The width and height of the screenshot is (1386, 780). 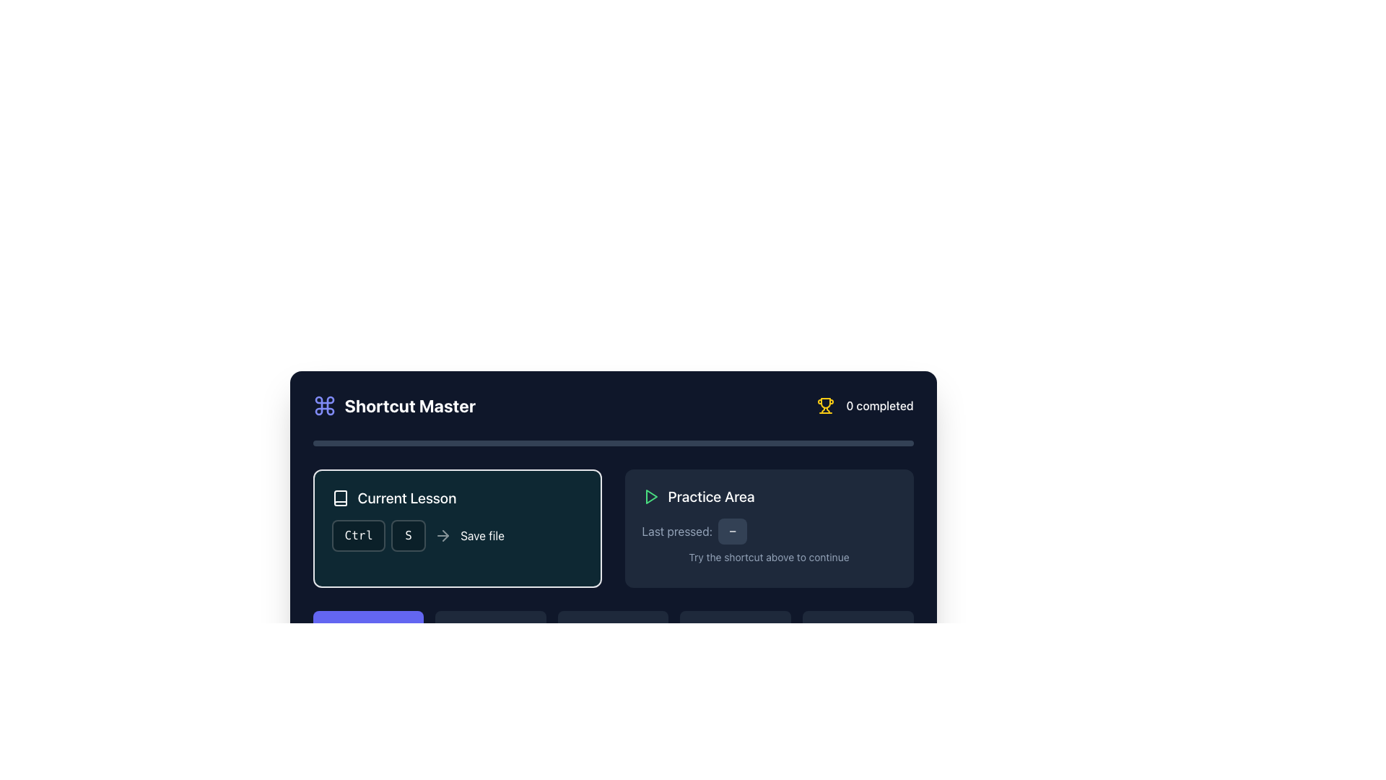 I want to click on the book-like icon located within the 'Current Lesson' card, which is styled with a light stroke and rounded corners, so click(x=339, y=498).